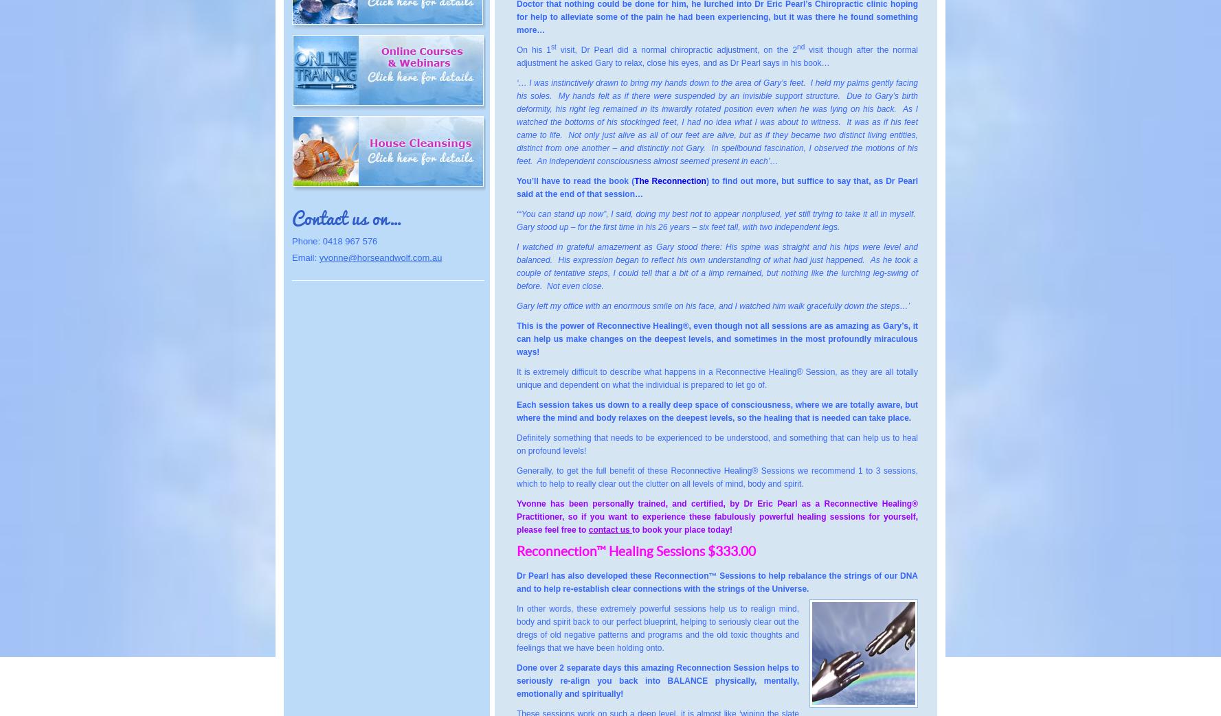 The height and width of the screenshot is (716, 1221). I want to click on 'nd', so click(800, 46).